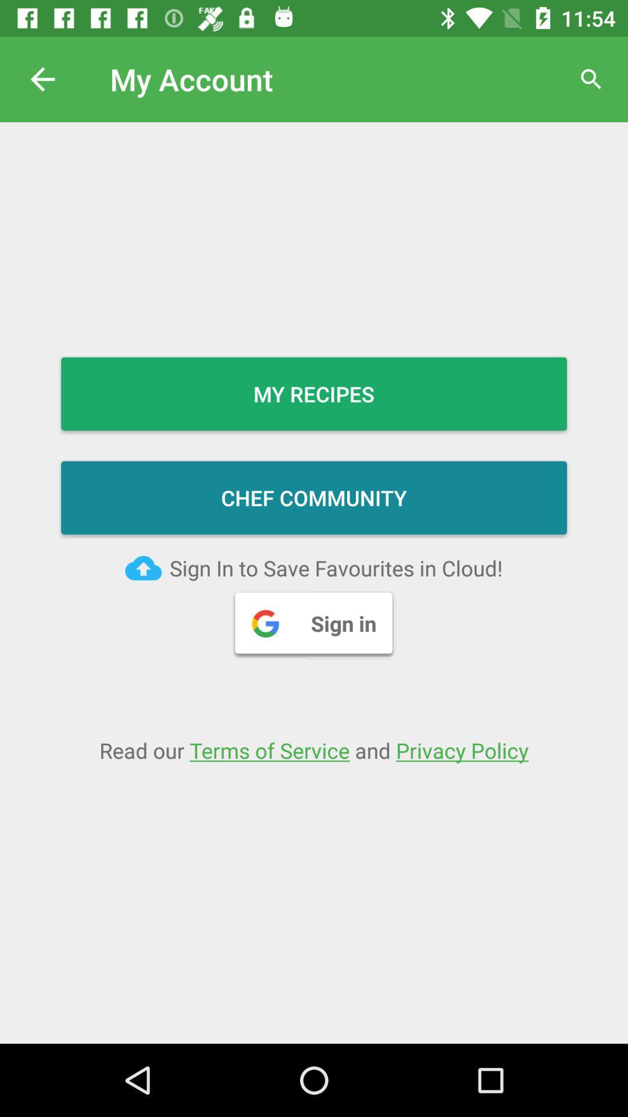  What do you see at coordinates (591, 79) in the screenshot?
I see `the search icon which is on top right of the page` at bounding box center [591, 79].